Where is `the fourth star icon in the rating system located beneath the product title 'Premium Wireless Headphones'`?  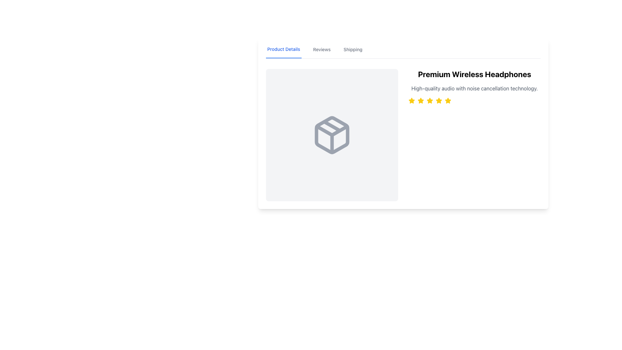
the fourth star icon in the rating system located beneath the product title 'Premium Wireless Headphones' is located at coordinates (438, 100).